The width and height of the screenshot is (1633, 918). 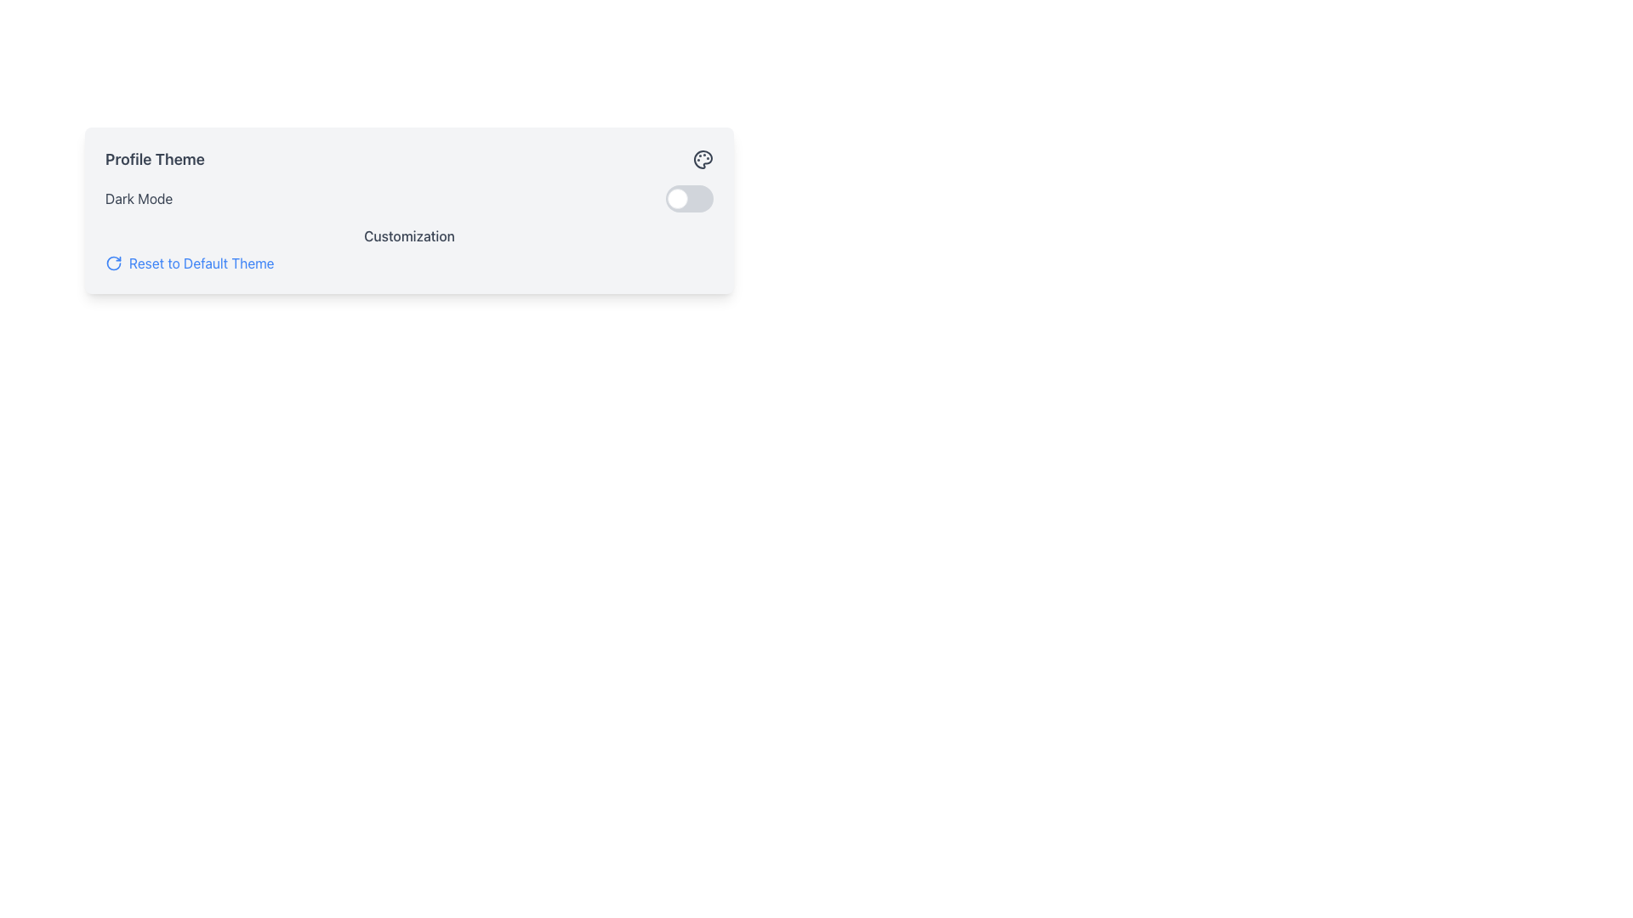 What do you see at coordinates (703, 160) in the screenshot?
I see `the palette icon located in the top-right corner of the 'Profile Theme' section` at bounding box center [703, 160].